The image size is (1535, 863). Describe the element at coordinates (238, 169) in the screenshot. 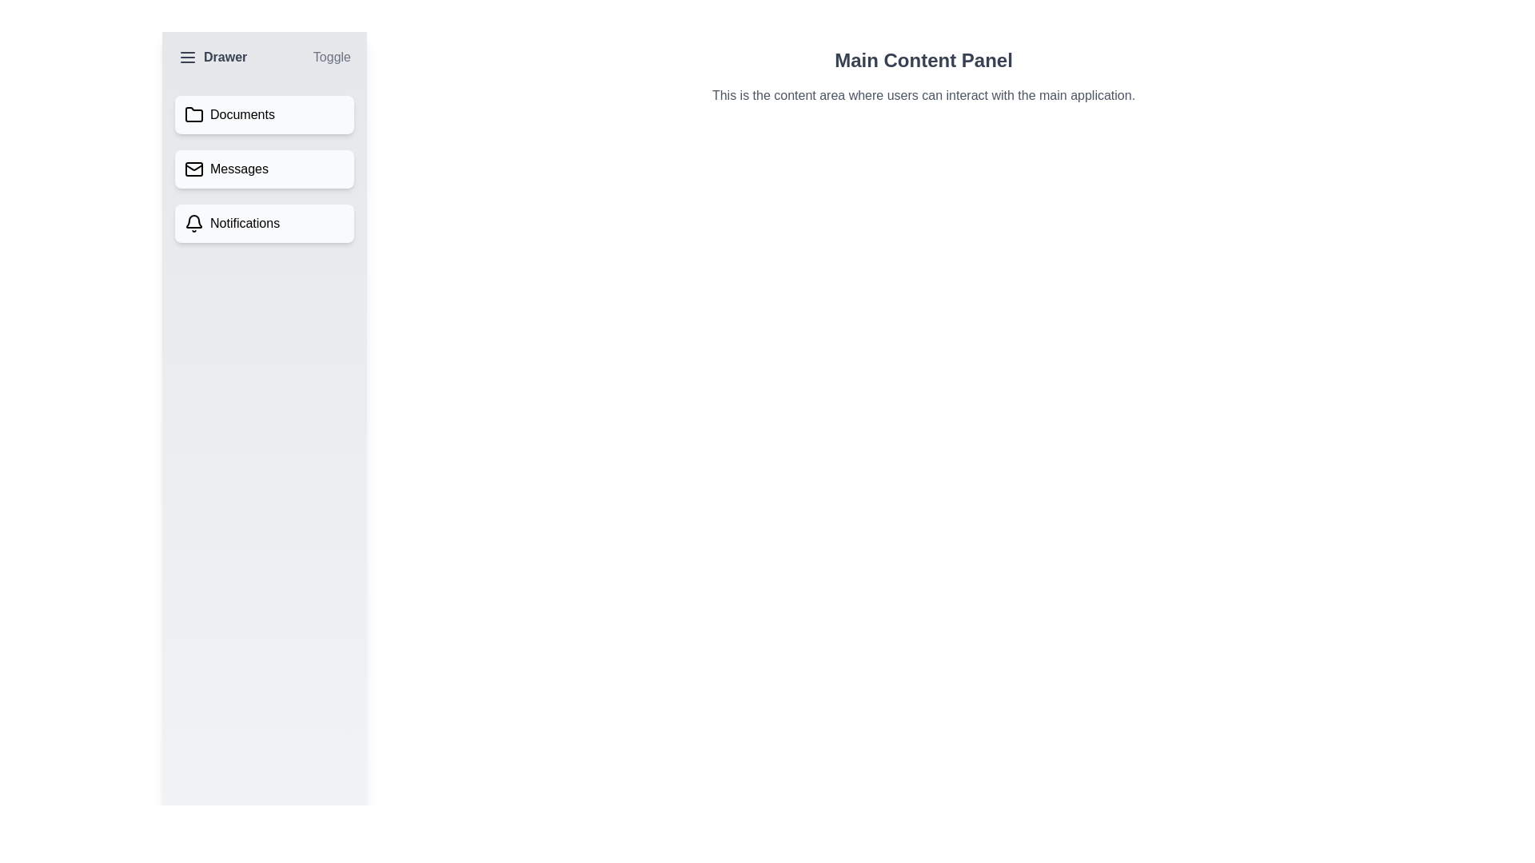

I see `the 'Messages' text label in the left-hand sidebar, which is styled with a bold black font and is the second option in a vertical navigation menu` at that location.